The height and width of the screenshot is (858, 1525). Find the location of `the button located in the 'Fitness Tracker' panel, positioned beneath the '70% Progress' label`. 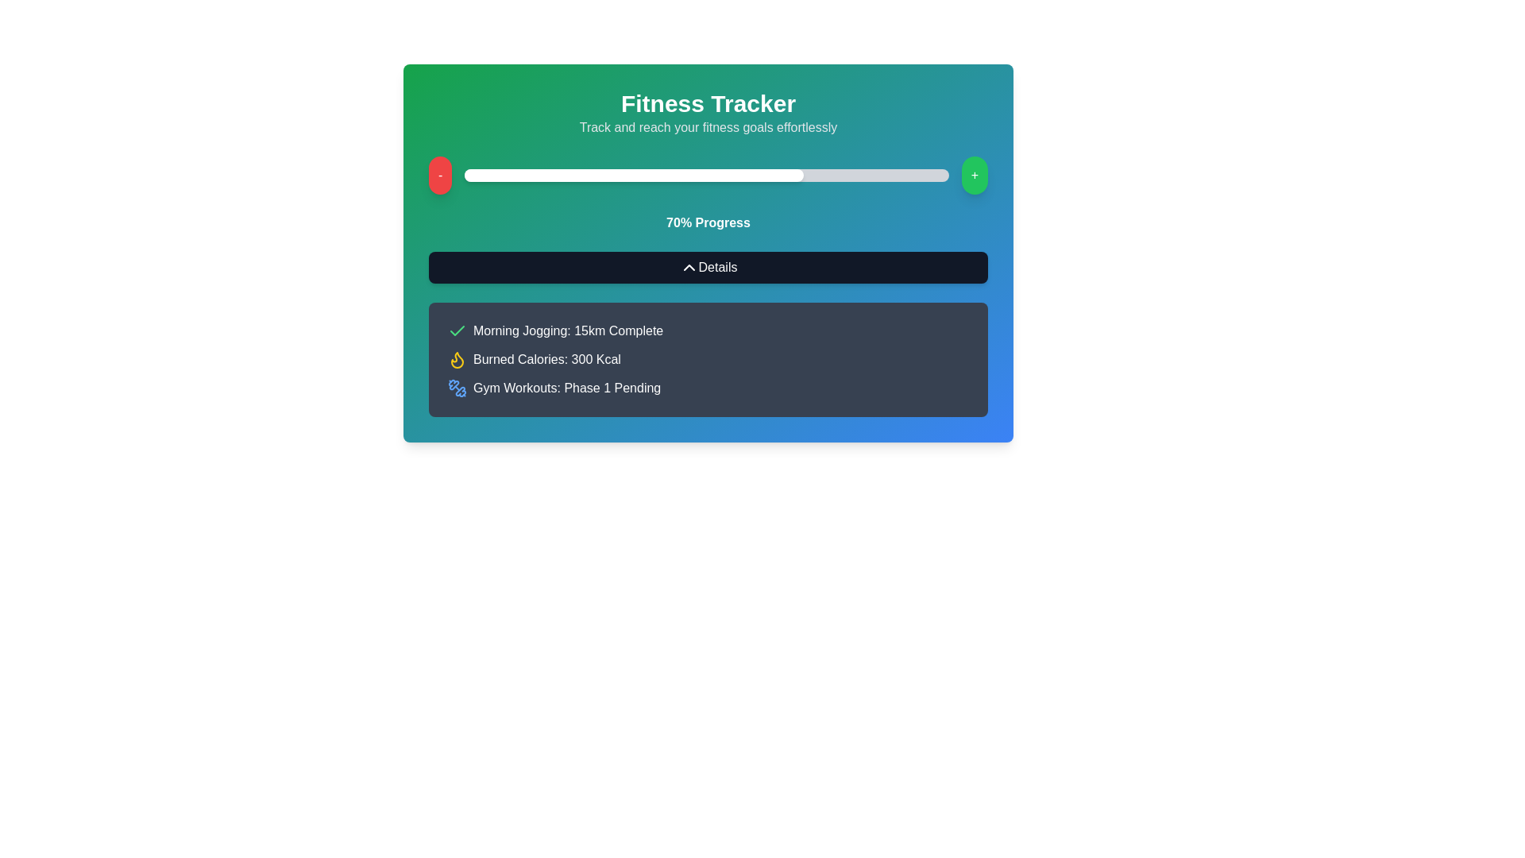

the button located in the 'Fitness Tracker' panel, positioned beneath the '70% Progress' label is located at coordinates (708, 266).